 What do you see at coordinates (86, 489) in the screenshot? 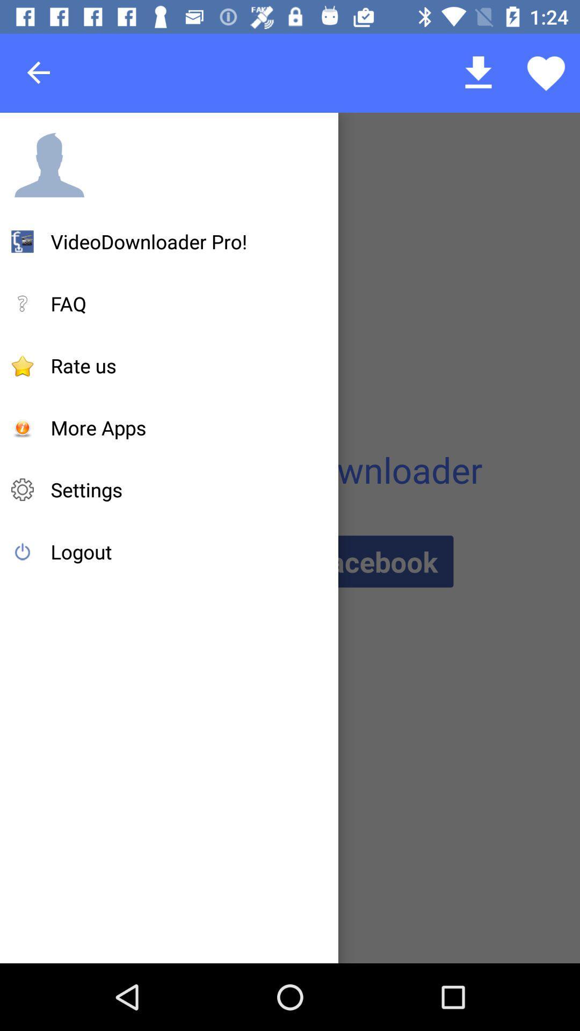
I see `settings` at bounding box center [86, 489].